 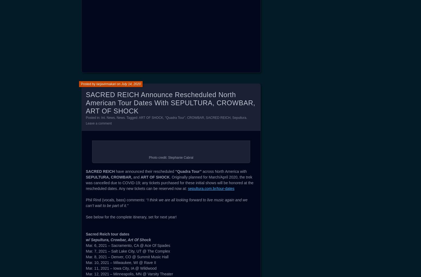 What do you see at coordinates (107, 2) in the screenshot?
I see `'3. Impending Dominance'` at bounding box center [107, 2].